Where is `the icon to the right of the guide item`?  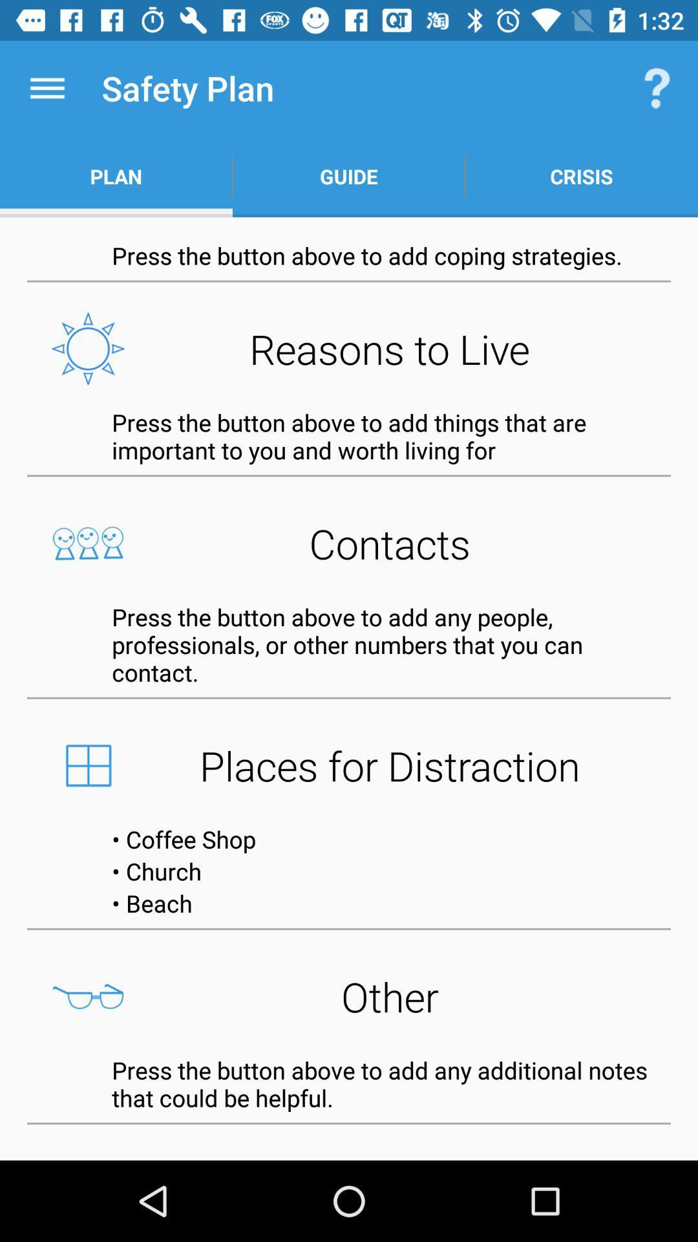
the icon to the right of the guide item is located at coordinates (657, 87).